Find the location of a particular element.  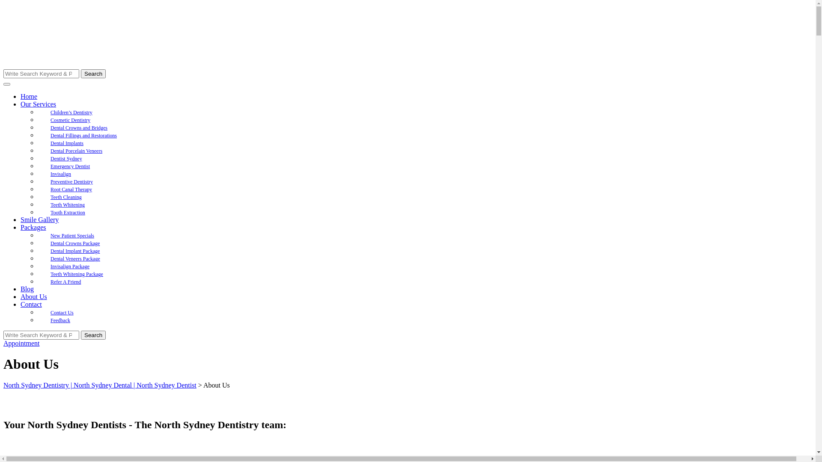

'Teeth Cleaning' is located at coordinates (66, 197).